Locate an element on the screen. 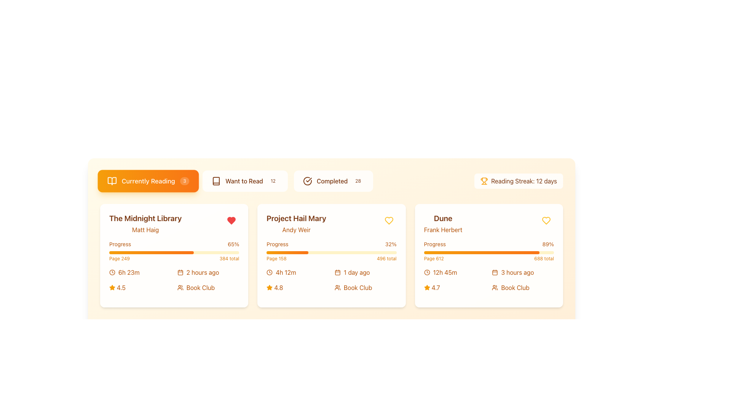 The height and width of the screenshot is (411, 731). the static text label indicating the progress percentage located in the third column of cards labeled 'Dune', near the bottom-right corner aligned with the amber progress bar is located at coordinates (547, 244).